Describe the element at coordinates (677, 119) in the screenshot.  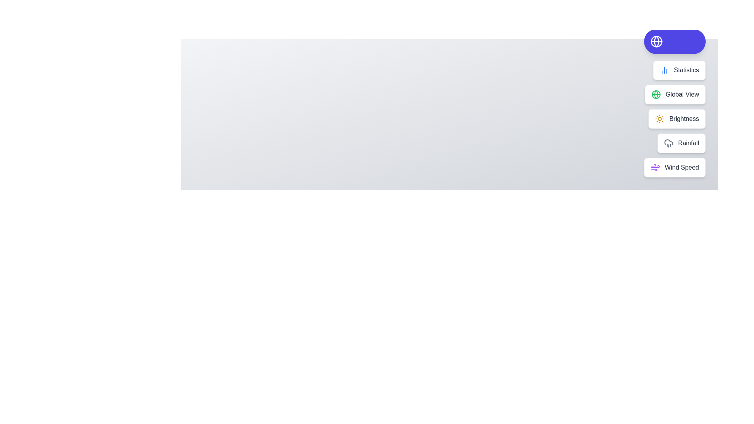
I see `the action Brightness from the speed dial` at that location.